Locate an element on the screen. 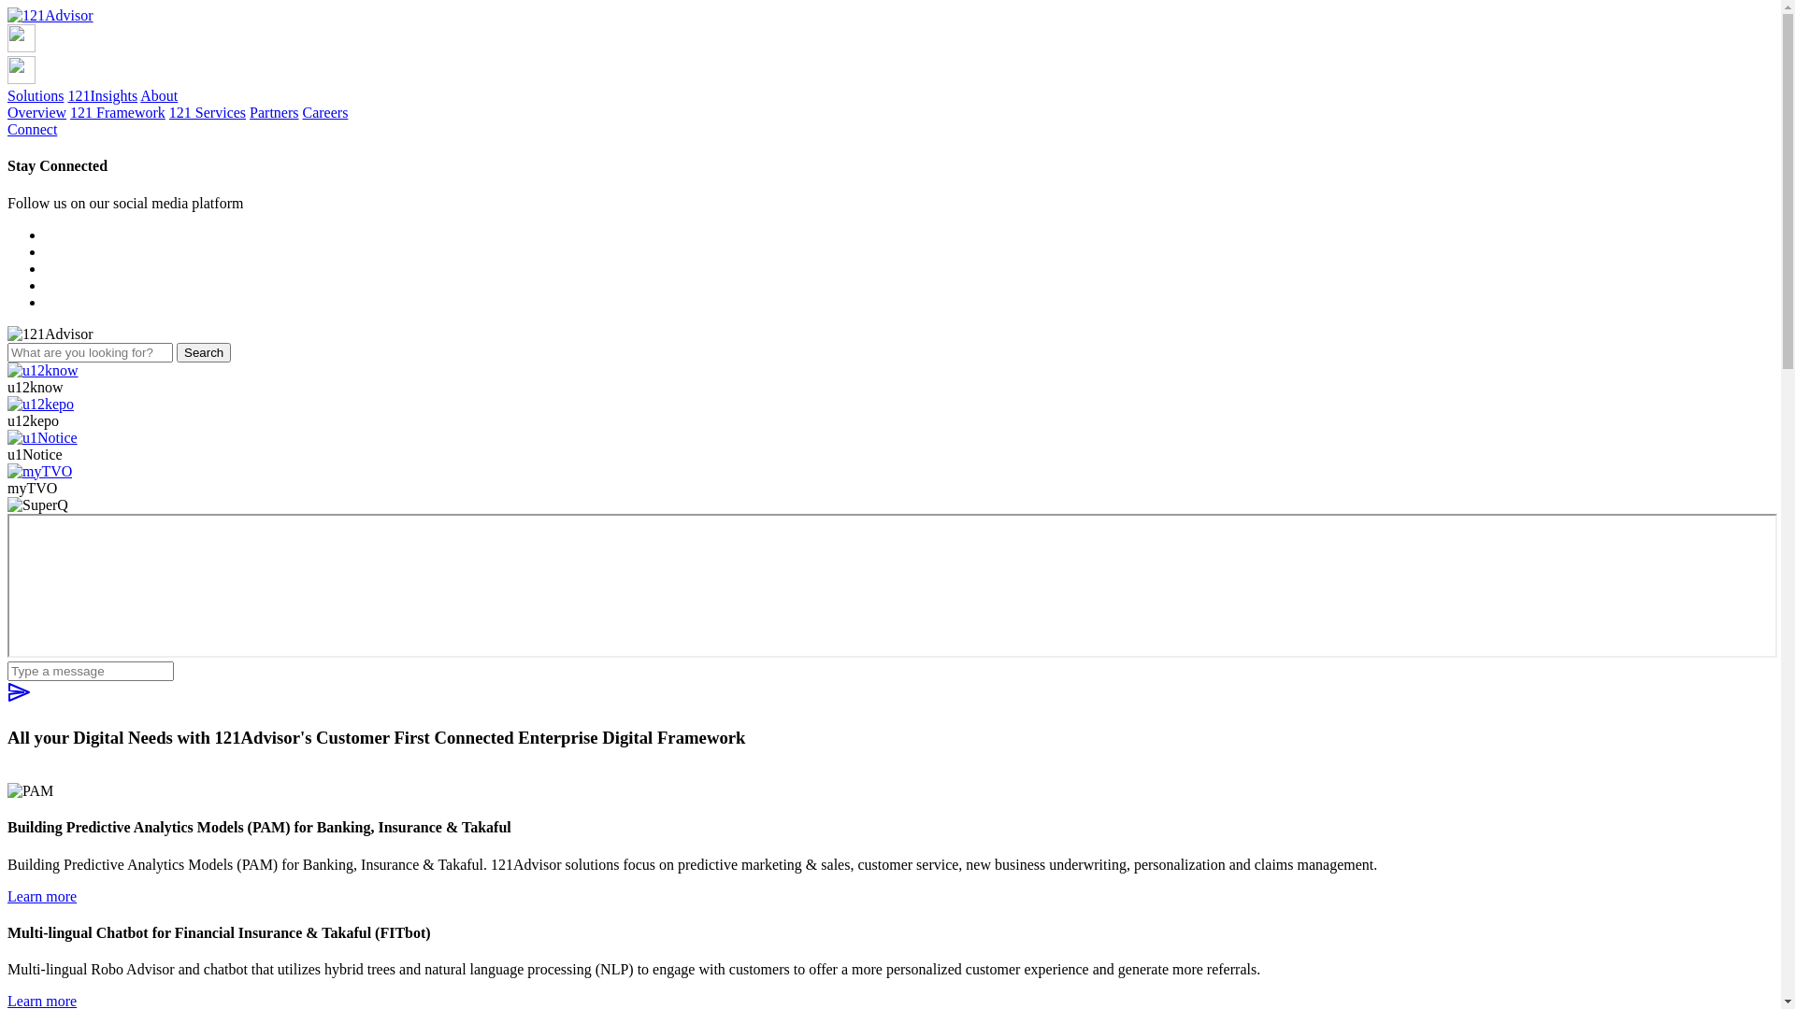  '121 Framework' is located at coordinates (116, 112).